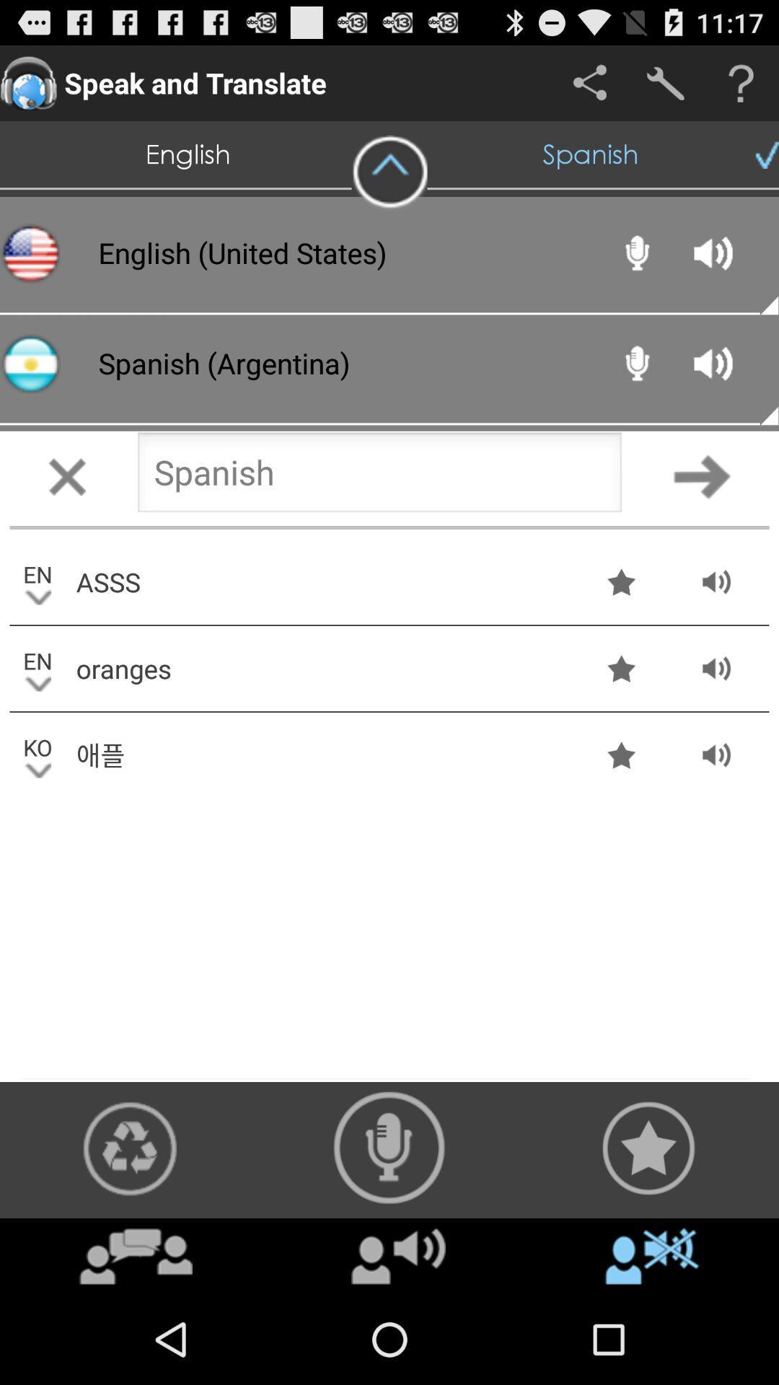 The width and height of the screenshot is (779, 1385). What do you see at coordinates (398, 1255) in the screenshot?
I see `the   item` at bounding box center [398, 1255].